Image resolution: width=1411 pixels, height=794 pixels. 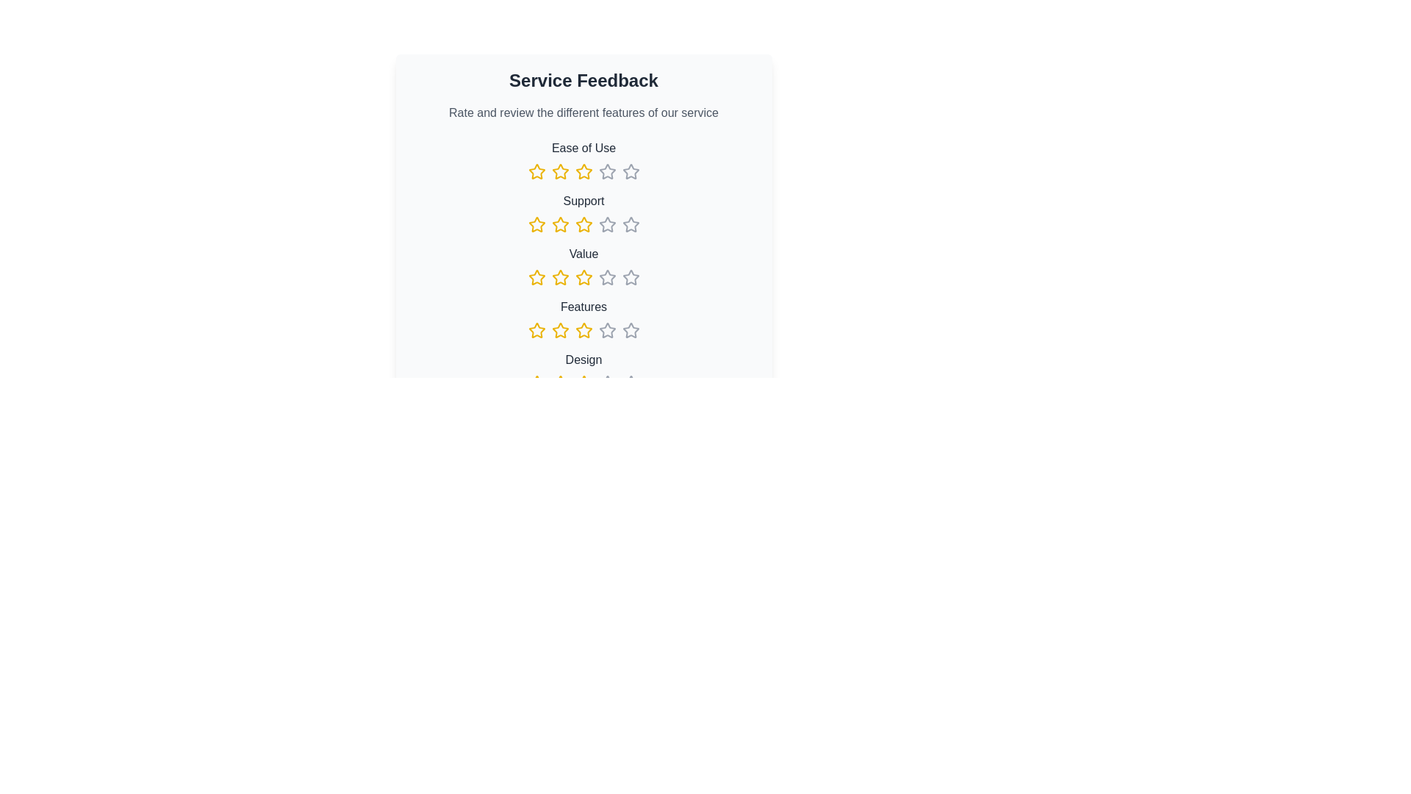 What do you see at coordinates (583, 360) in the screenshot?
I see `text label for the 'Design' rating, which is the fifth item in a vertical stack of labeled sections` at bounding box center [583, 360].